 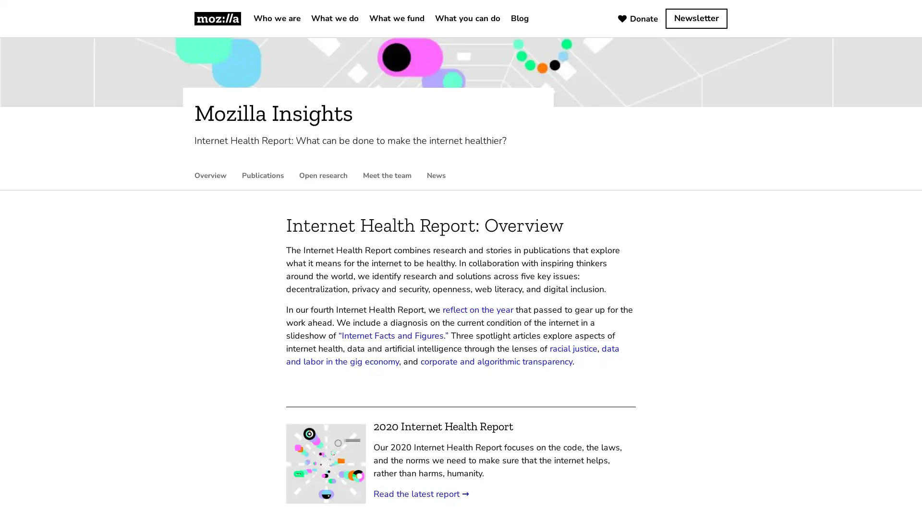 What do you see at coordinates (696, 18) in the screenshot?
I see `Newsletter` at bounding box center [696, 18].